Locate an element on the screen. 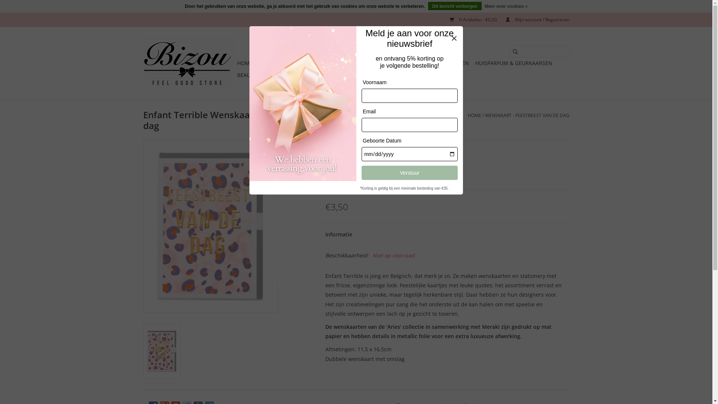 This screenshot has width=718, height=404. 'Informatie' is located at coordinates (319, 234).